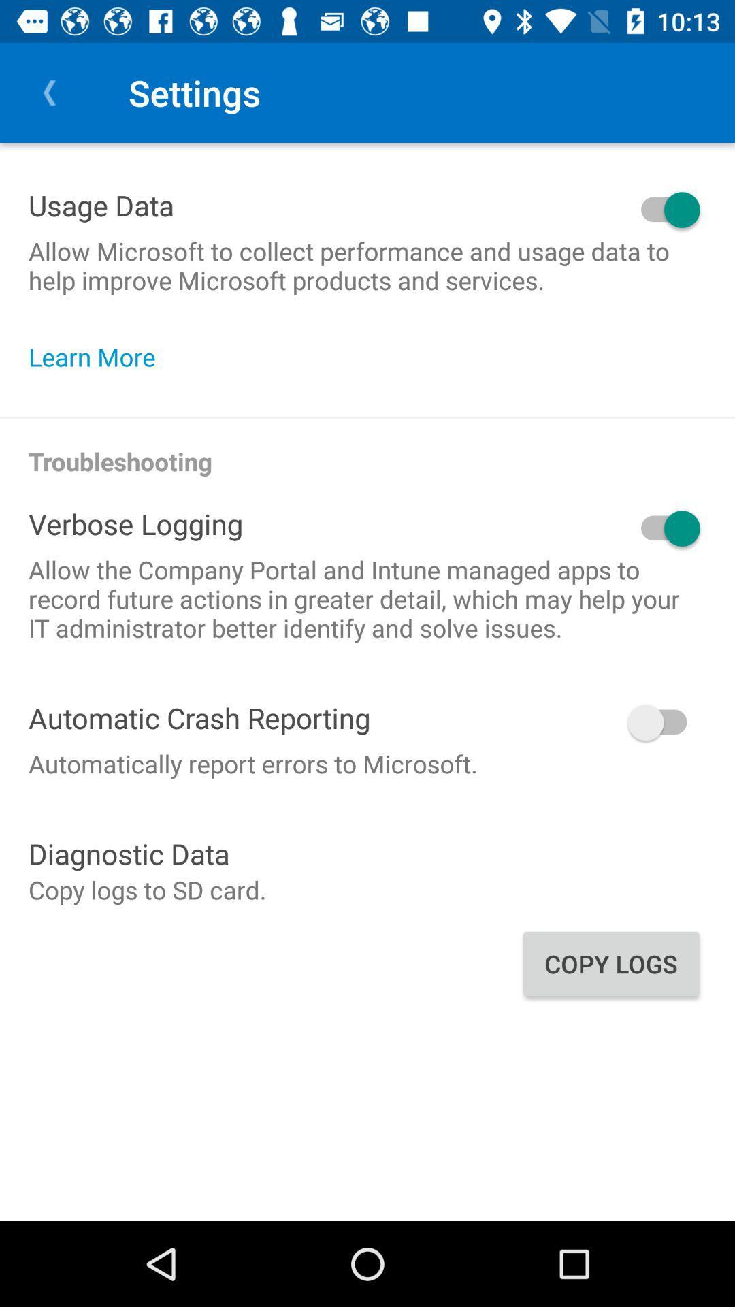 The height and width of the screenshot is (1307, 735). Describe the element at coordinates (49, 92) in the screenshot. I see `icon to the left of the settings` at that location.